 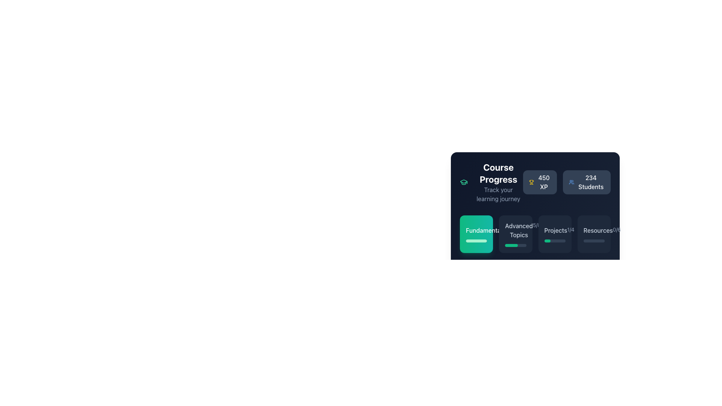 What do you see at coordinates (556, 230) in the screenshot?
I see `text label displaying 'Projects', which is styled in a medium font weight and colored slate-gray, located in the progress section of the UI` at bounding box center [556, 230].